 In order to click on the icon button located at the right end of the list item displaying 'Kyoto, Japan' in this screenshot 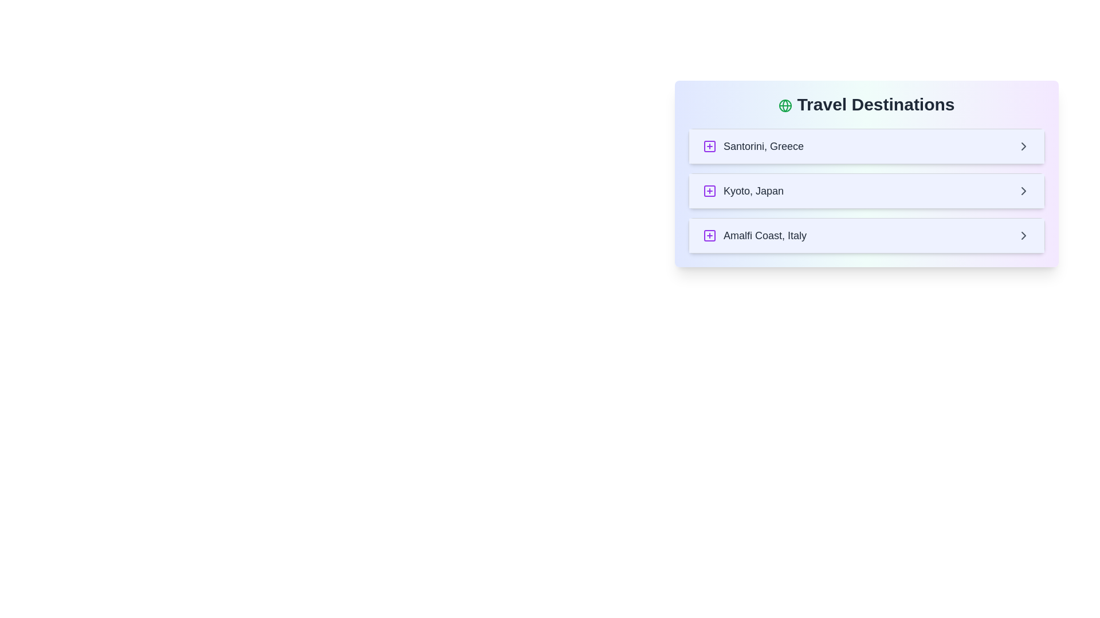, I will do `click(1023, 191)`.